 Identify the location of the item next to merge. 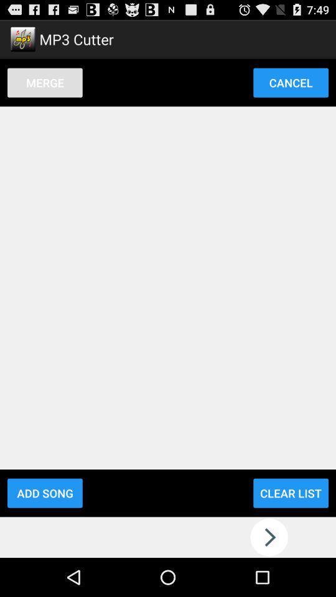
(291, 81).